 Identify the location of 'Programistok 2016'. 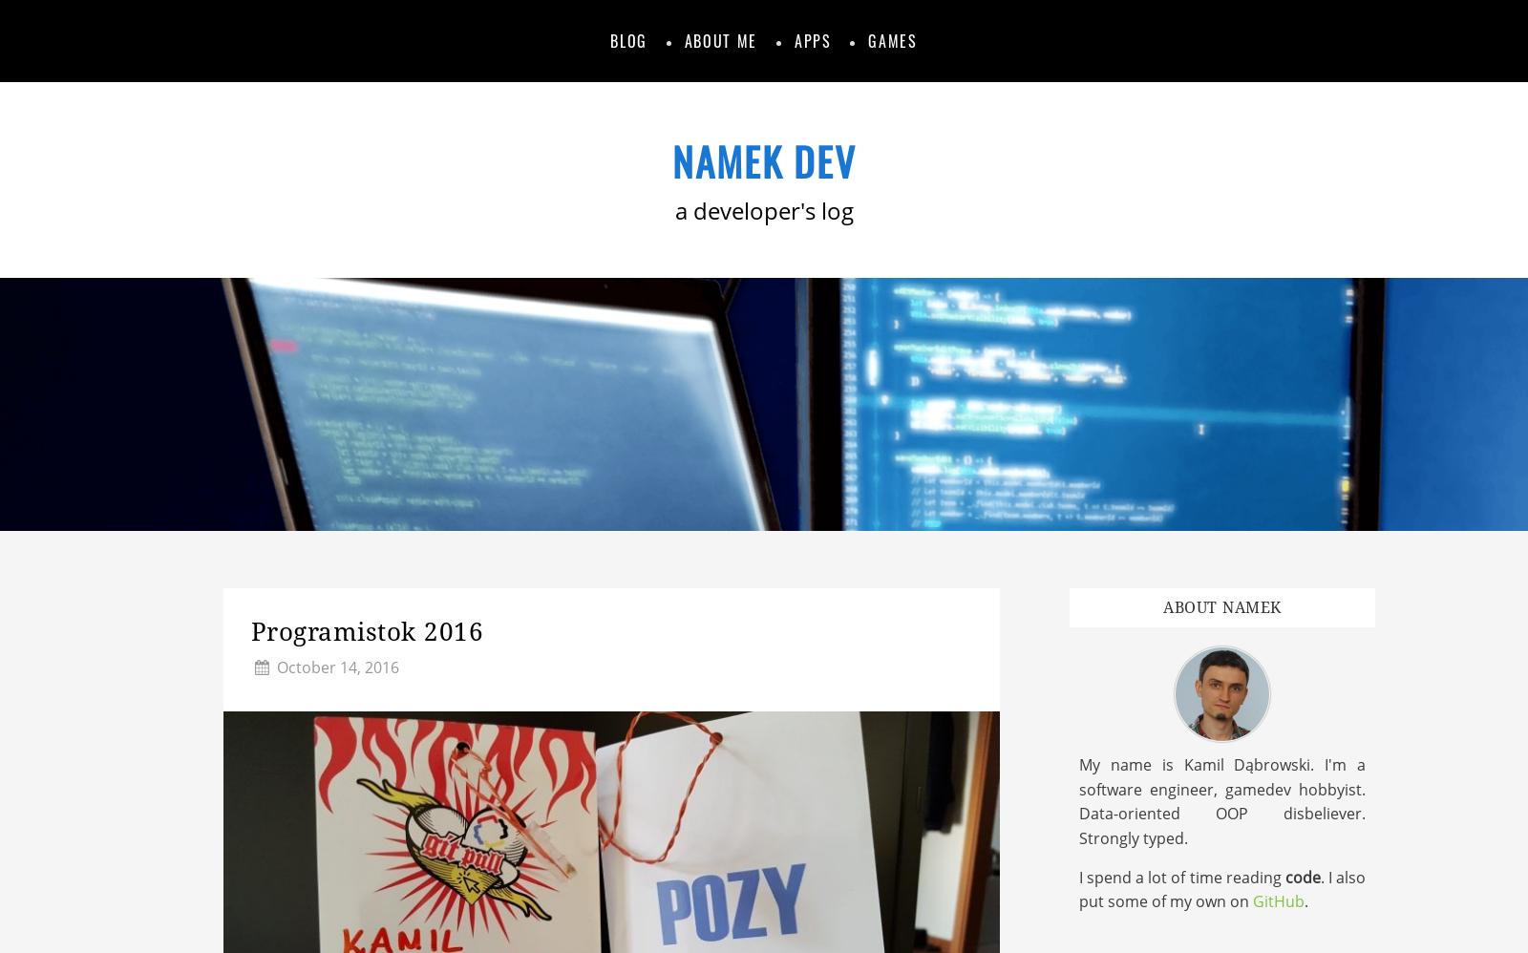
(250, 630).